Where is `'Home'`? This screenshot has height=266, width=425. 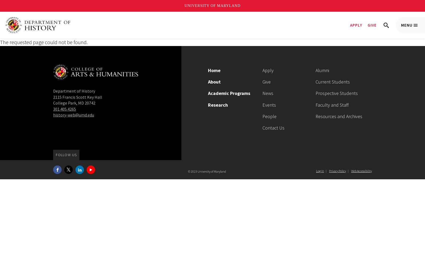 'Home' is located at coordinates (214, 70).